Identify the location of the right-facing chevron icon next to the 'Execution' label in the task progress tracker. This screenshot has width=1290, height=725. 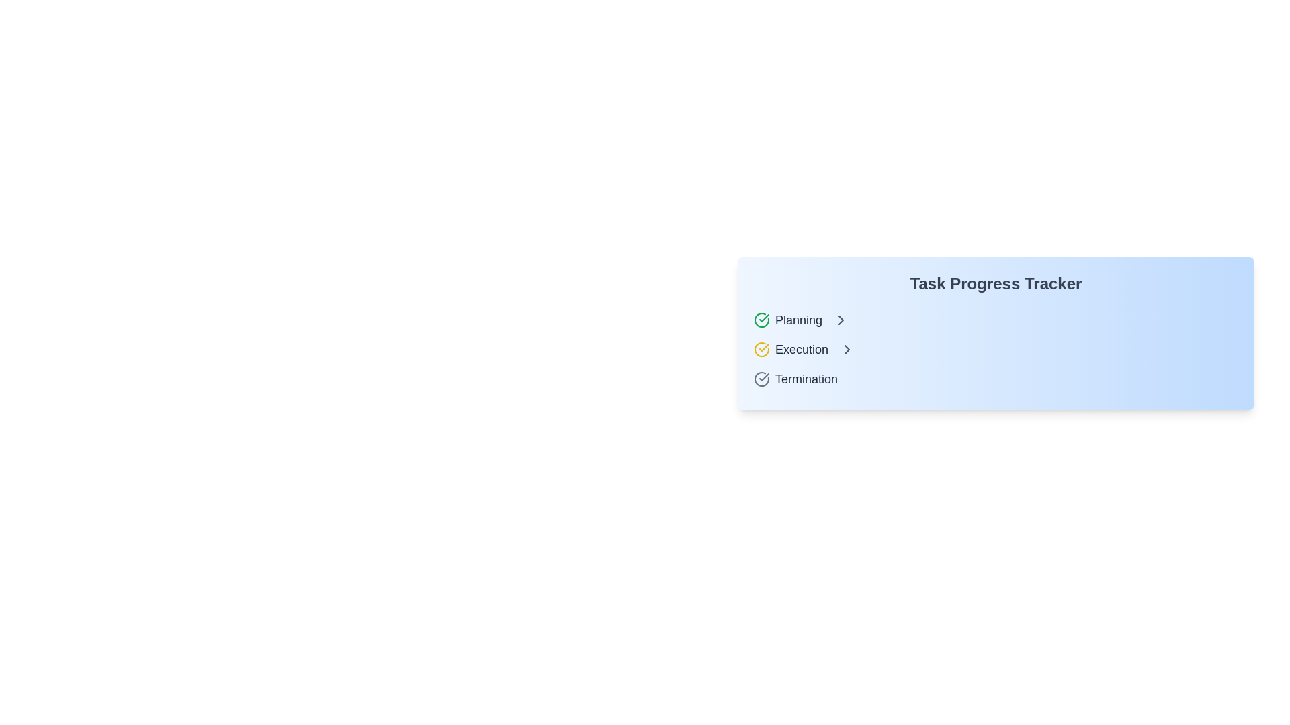
(847, 348).